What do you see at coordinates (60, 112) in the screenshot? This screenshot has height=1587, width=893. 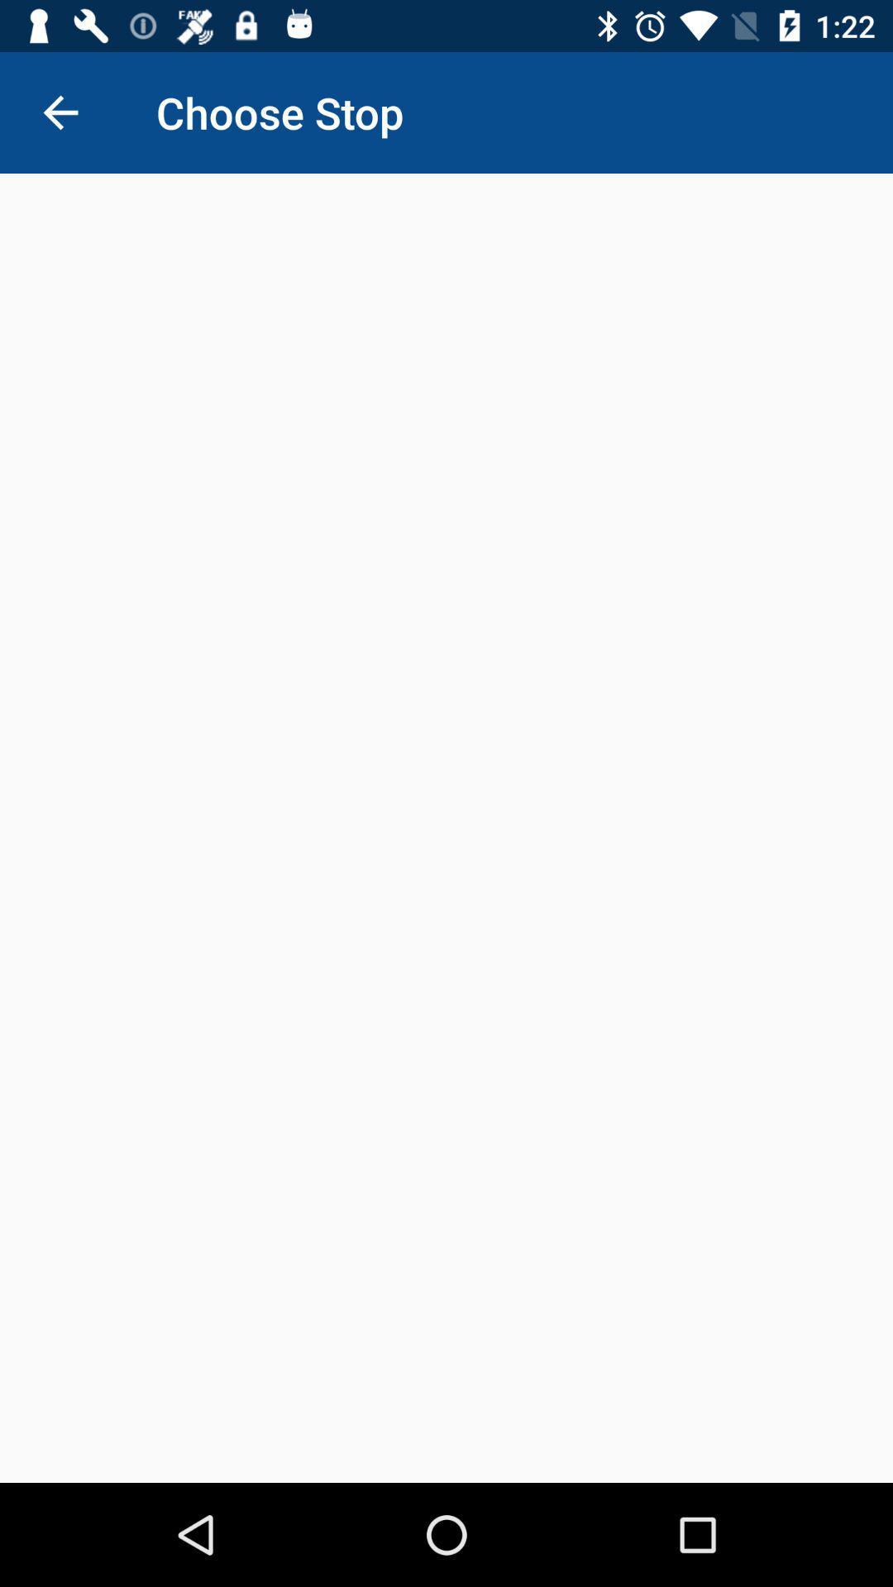 I see `the item next to choose stop icon` at bounding box center [60, 112].